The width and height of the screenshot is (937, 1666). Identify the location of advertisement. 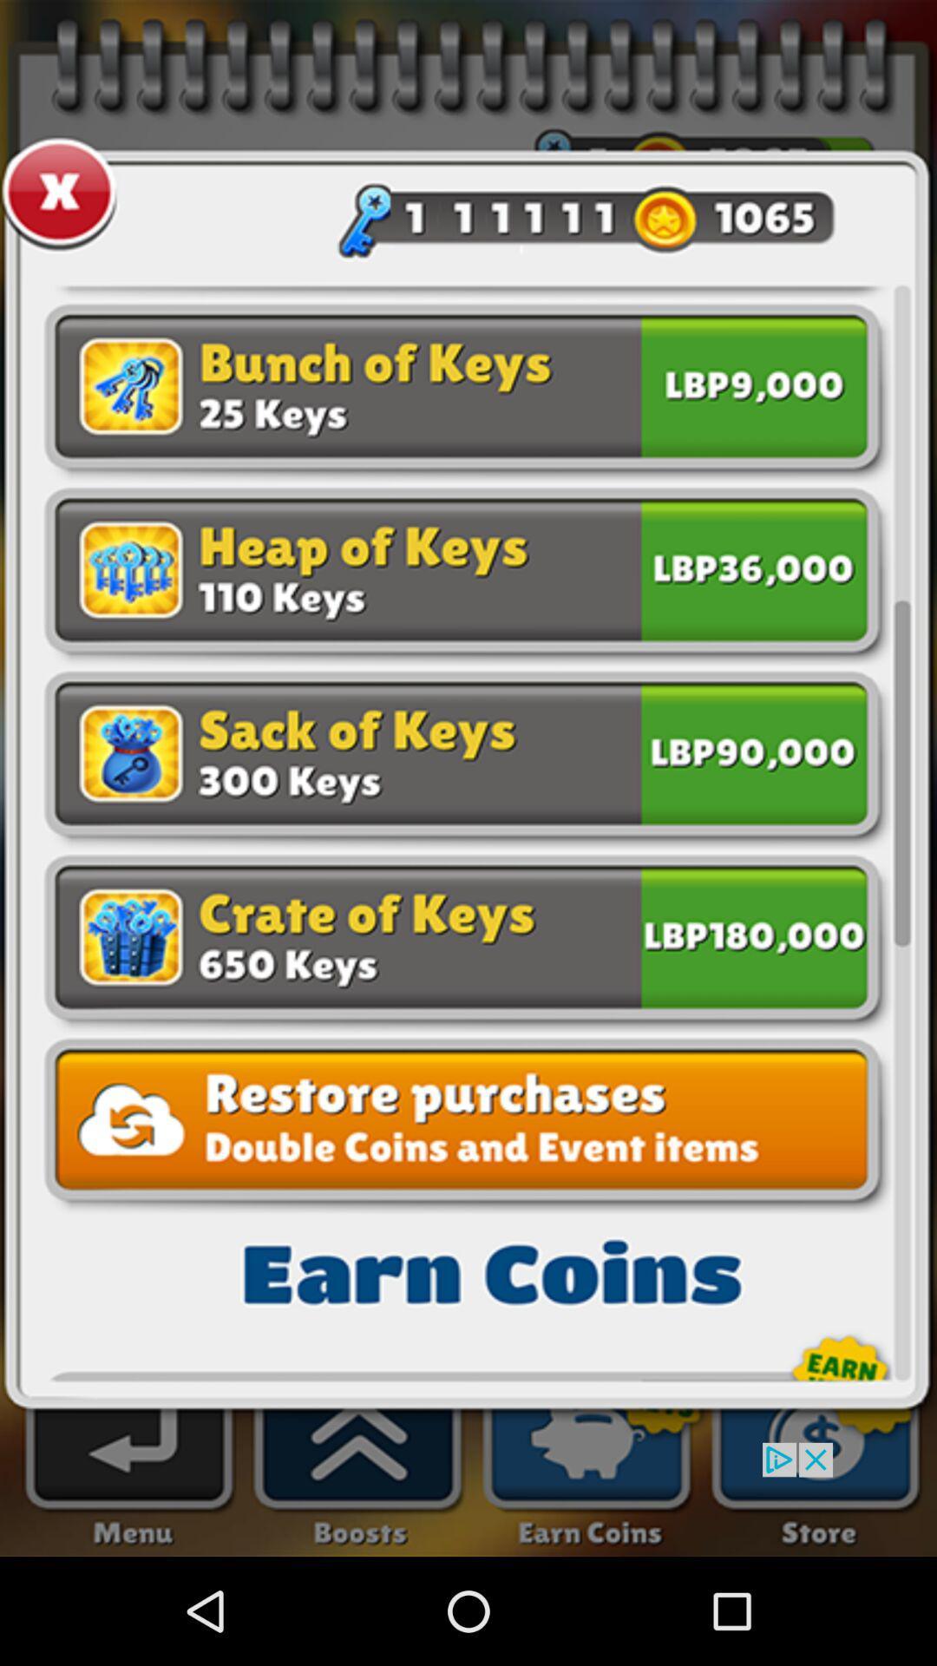
(468, 1499).